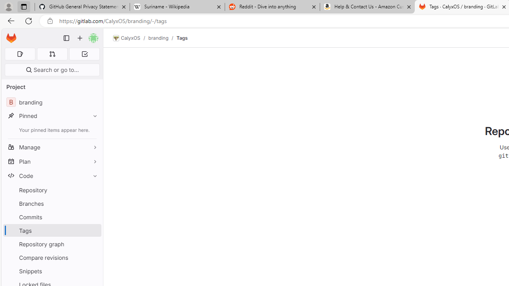  Describe the element at coordinates (52, 203) in the screenshot. I see `'Branches'` at that location.